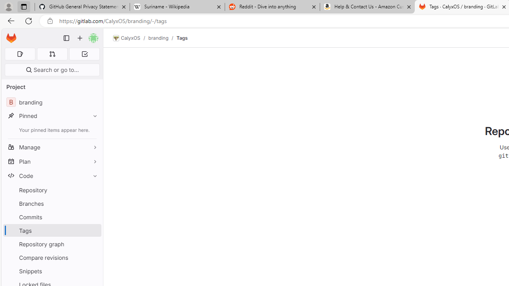  Describe the element at coordinates (52, 203) in the screenshot. I see `'Branches'` at that location.